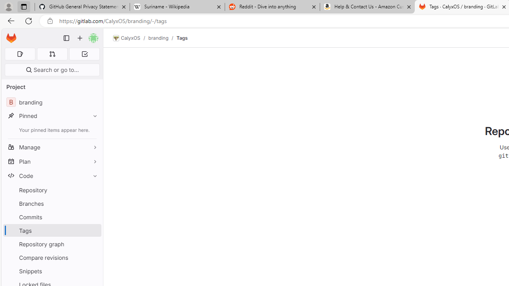  Describe the element at coordinates (52, 203) in the screenshot. I see `'Branches'` at that location.